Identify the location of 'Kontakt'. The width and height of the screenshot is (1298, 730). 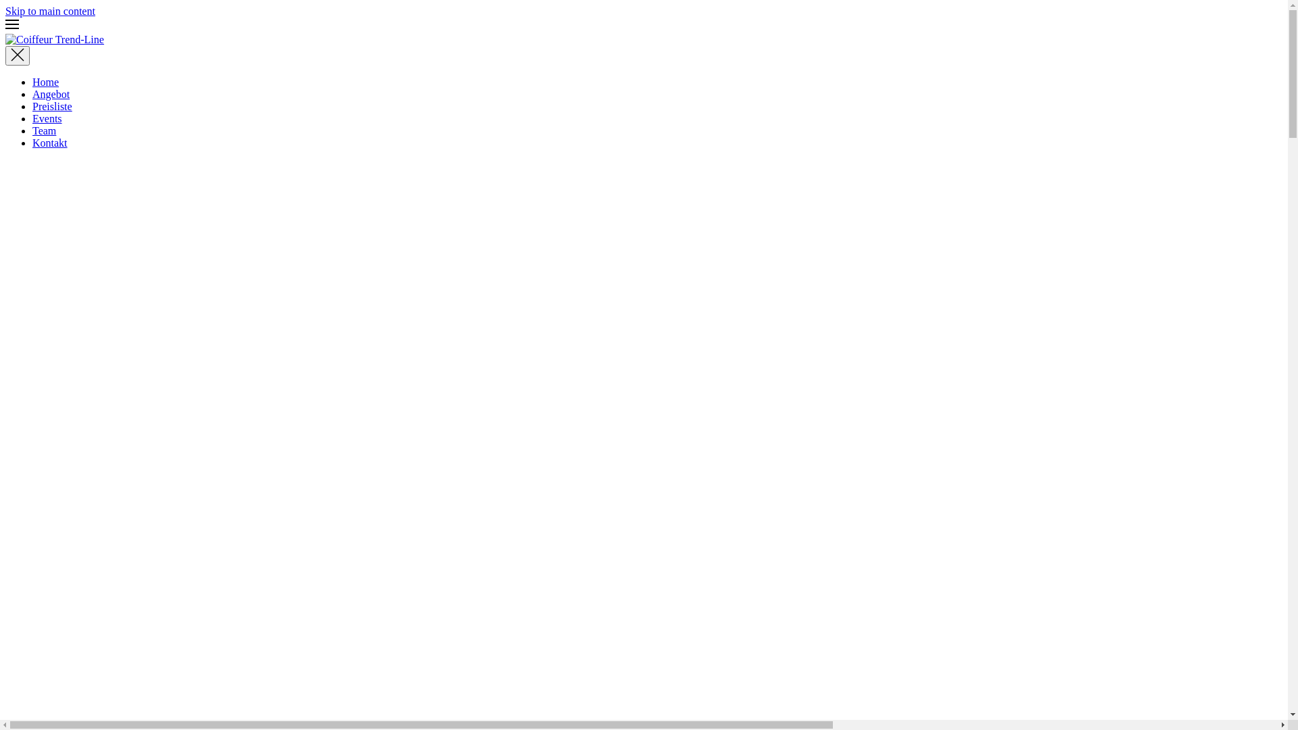
(32, 143).